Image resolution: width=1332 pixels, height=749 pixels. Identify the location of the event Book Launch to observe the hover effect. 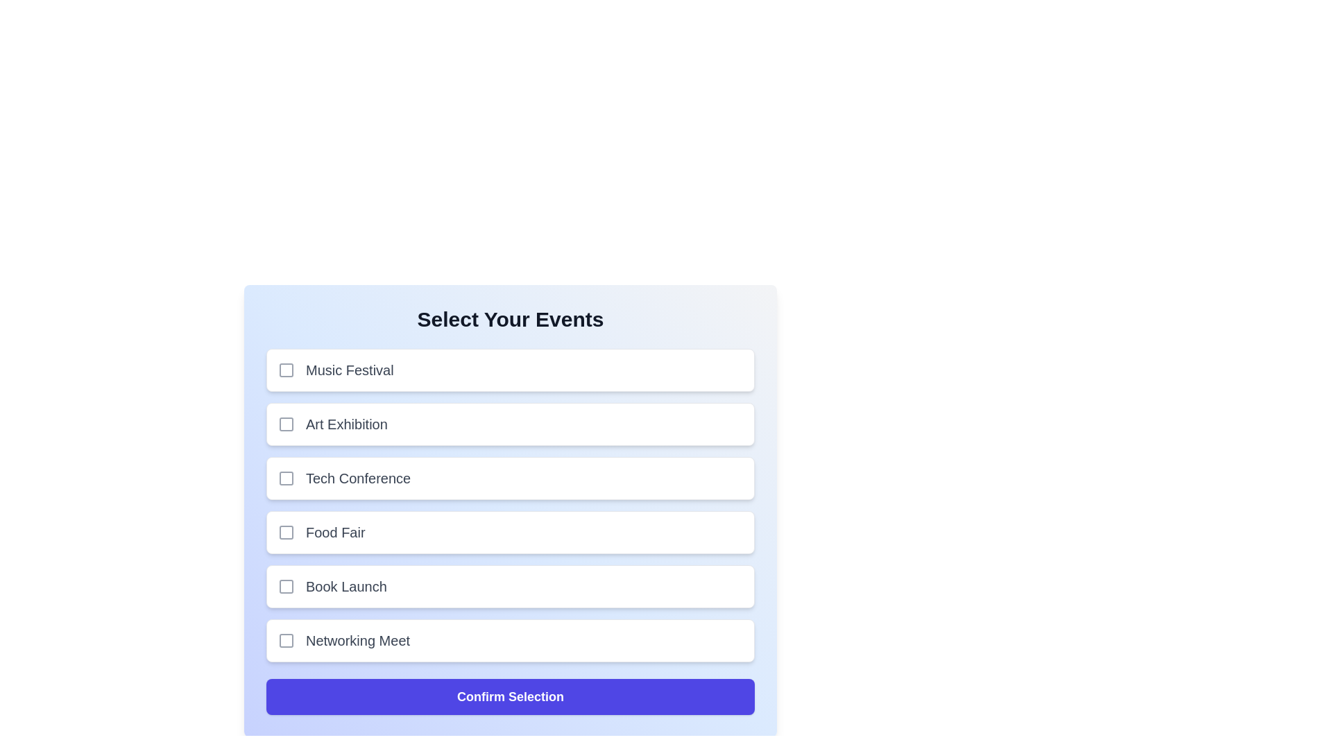
(509, 586).